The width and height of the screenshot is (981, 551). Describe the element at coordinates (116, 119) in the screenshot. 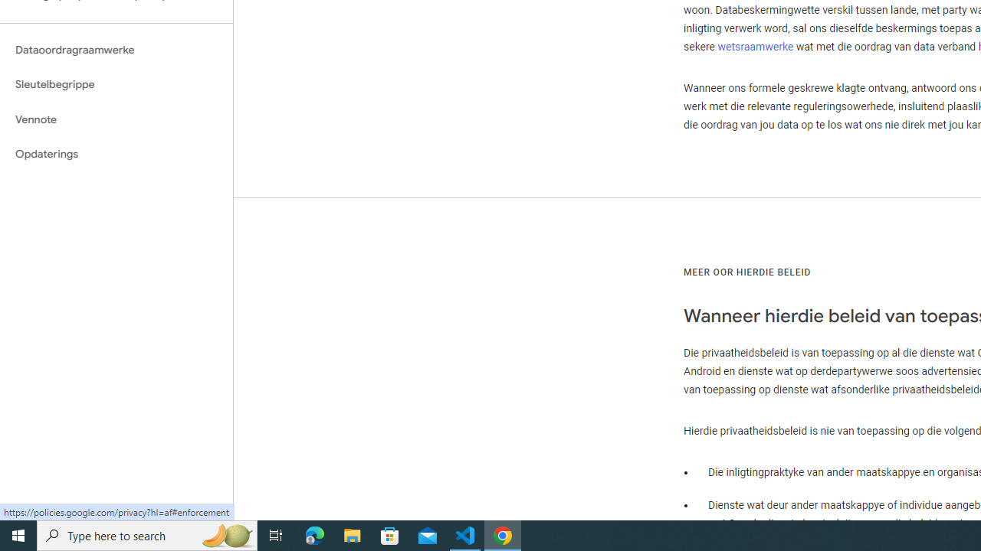

I see `'Vennote'` at that location.